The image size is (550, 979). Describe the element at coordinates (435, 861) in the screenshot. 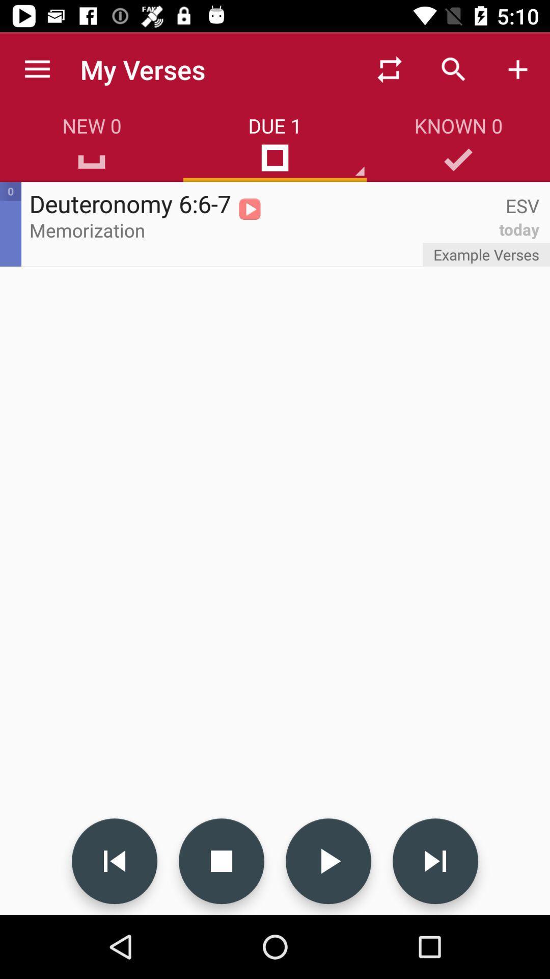

I see `the skip_next icon` at that location.